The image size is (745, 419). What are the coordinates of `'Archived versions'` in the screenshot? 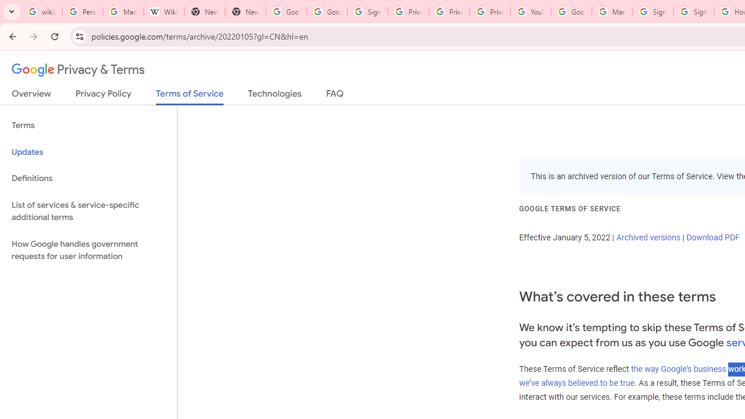 It's located at (647, 236).